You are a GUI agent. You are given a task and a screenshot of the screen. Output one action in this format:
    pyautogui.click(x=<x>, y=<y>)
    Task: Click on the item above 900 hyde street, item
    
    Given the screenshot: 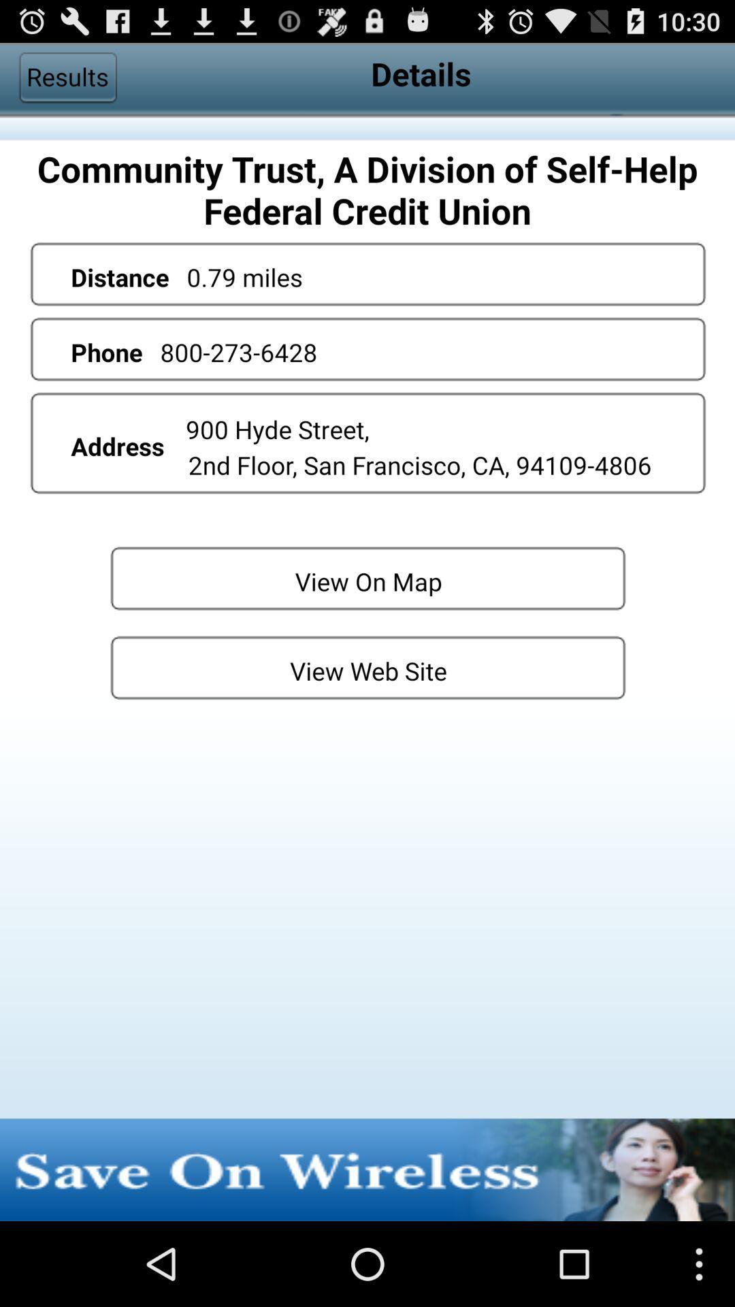 What is the action you would take?
    pyautogui.click(x=238, y=352)
    